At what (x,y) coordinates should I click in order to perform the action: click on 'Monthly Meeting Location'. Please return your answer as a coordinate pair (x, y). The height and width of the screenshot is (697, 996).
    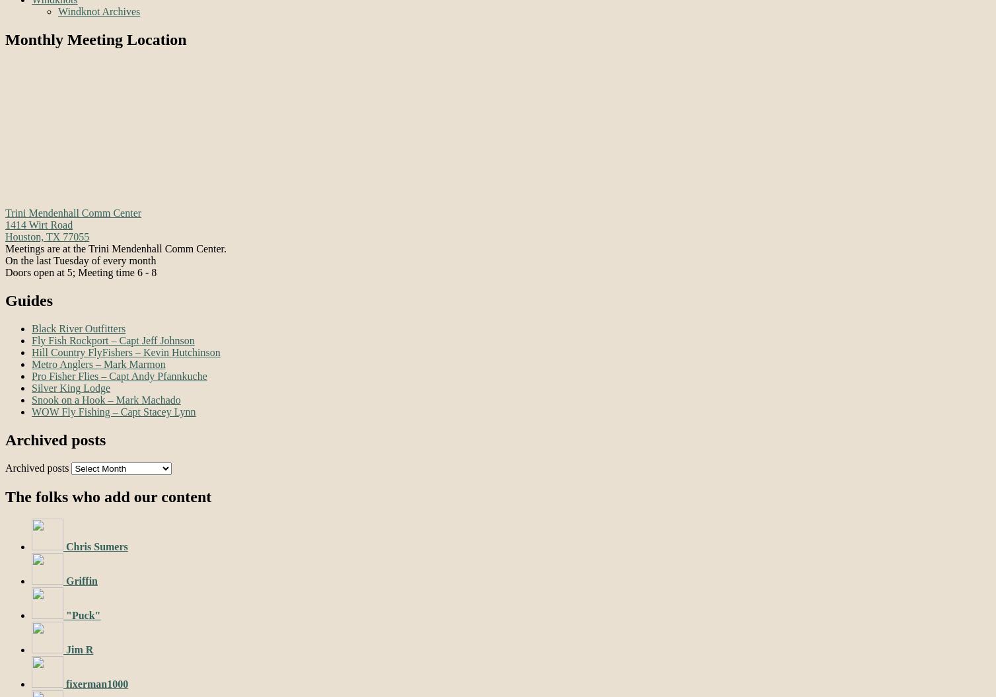
    Looking at the image, I should click on (96, 39).